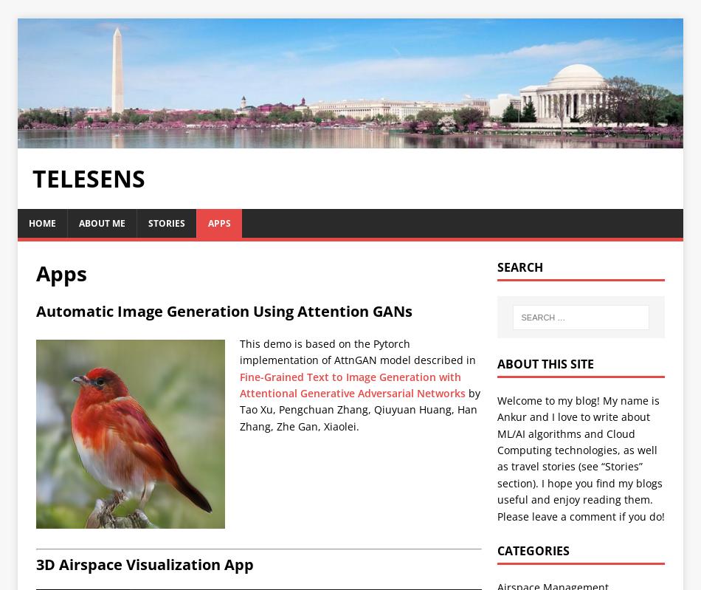  What do you see at coordinates (32, 177) in the screenshot?
I see `'Telesens'` at bounding box center [32, 177].